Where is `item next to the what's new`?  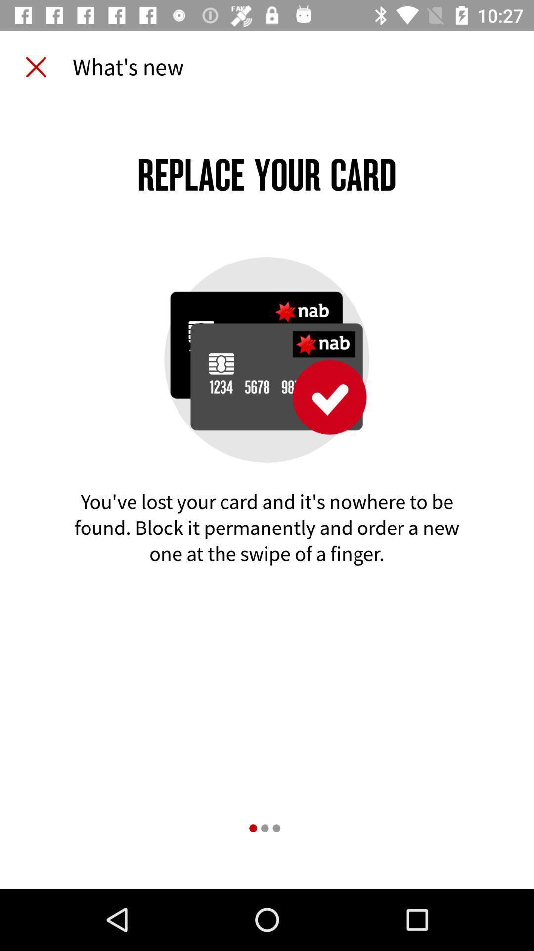
item next to the what's new is located at coordinates (36, 67).